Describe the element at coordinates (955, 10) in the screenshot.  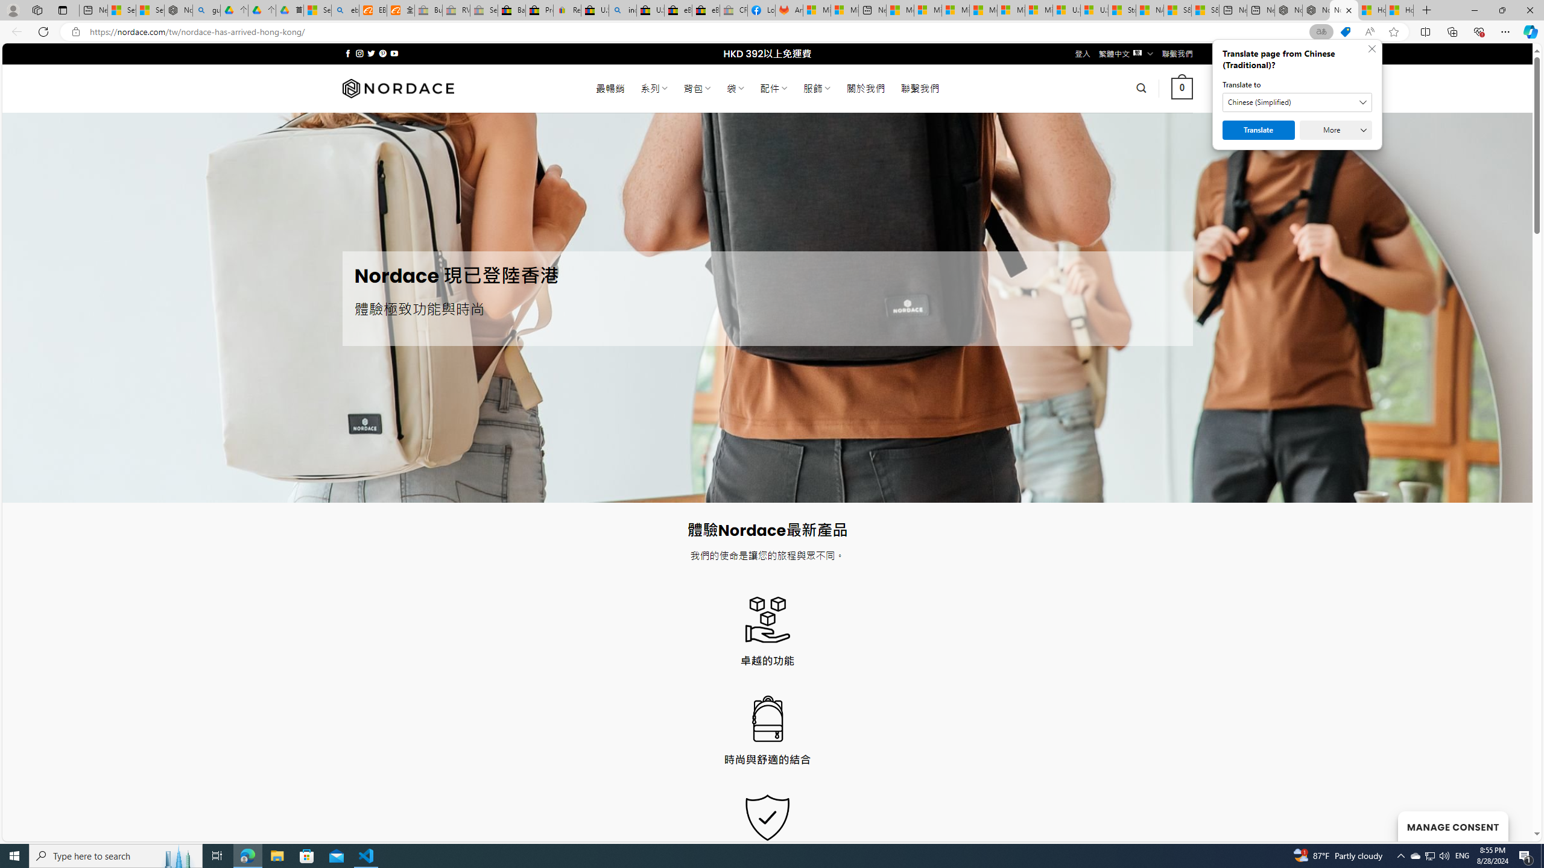
I see `'Microsoft account | Home'` at that location.